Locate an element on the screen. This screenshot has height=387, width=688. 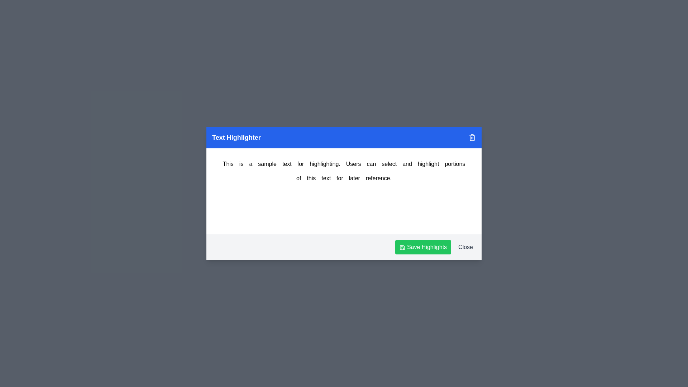
the word 'highlight' by clicking on it is located at coordinates (428, 164).